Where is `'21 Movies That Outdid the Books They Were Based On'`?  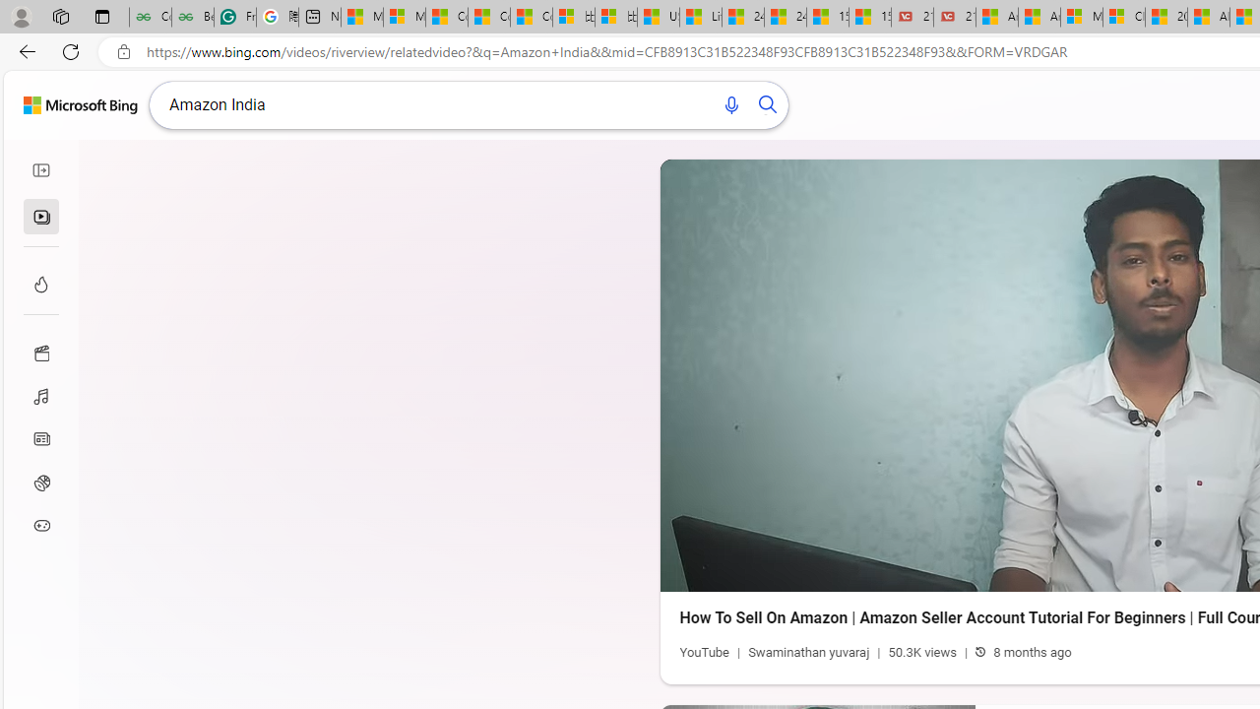
'21 Movies That Outdid the Books They Were Based On' is located at coordinates (954, 17).